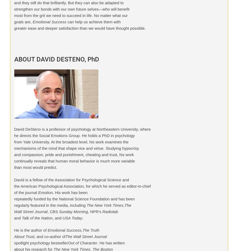 This screenshot has width=238, height=251. What do you see at coordinates (167, 6) in the screenshot?
I see `'MentorCoach'` at bounding box center [167, 6].